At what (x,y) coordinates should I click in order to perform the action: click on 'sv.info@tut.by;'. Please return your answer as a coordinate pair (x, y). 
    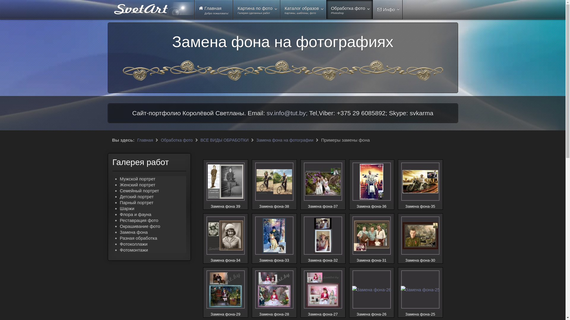
    Looking at the image, I should click on (287, 113).